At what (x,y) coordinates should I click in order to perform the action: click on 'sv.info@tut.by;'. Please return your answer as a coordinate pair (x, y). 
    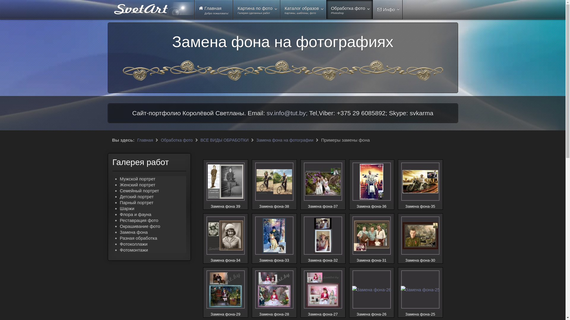
    Looking at the image, I should click on (287, 113).